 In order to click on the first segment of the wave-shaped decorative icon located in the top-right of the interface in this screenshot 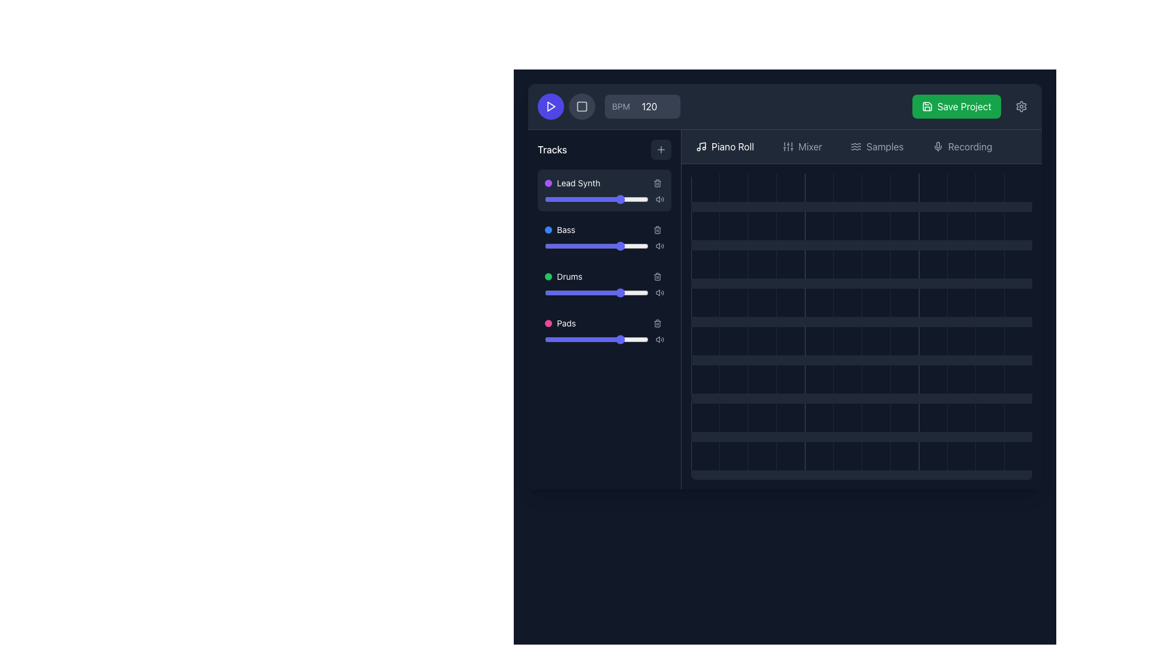, I will do `click(855, 143)`.